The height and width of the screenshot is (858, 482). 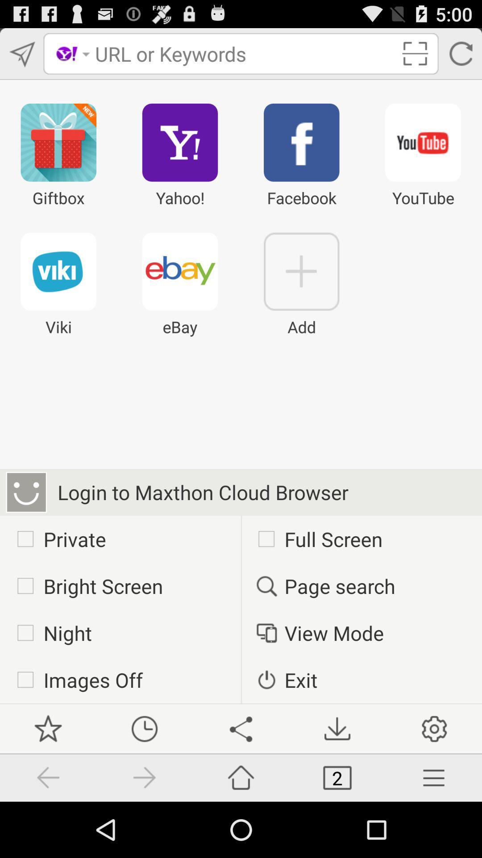 I want to click on the refresh icon, so click(x=460, y=57).